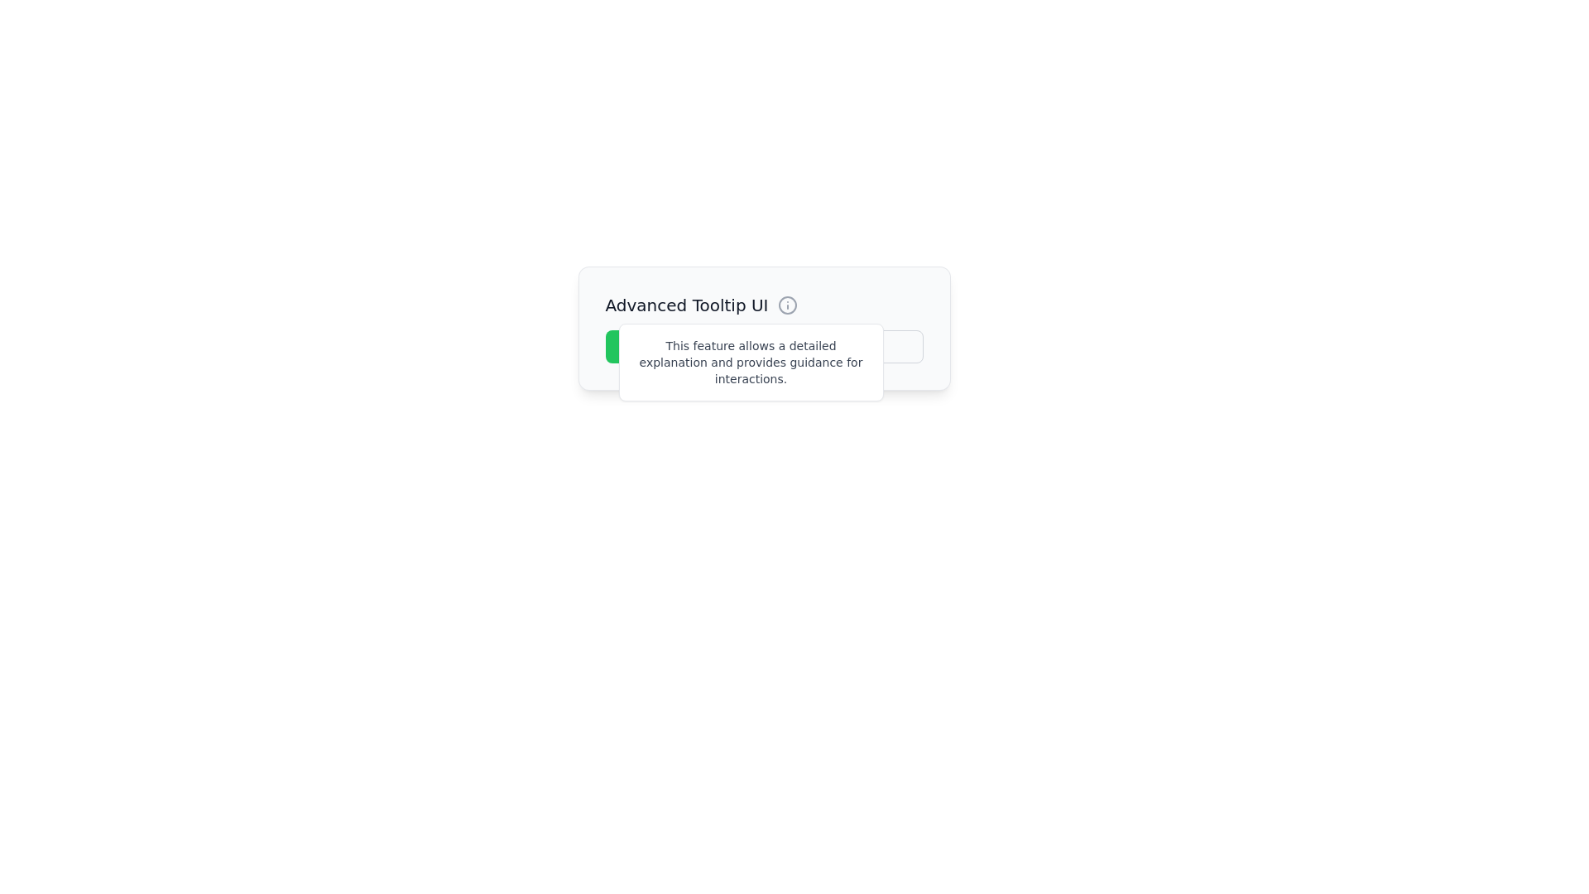 Image resolution: width=1589 pixels, height=894 pixels. I want to click on the Information Icon located to the right of the 'Advanced Tooltip UI' text, so click(787, 305).